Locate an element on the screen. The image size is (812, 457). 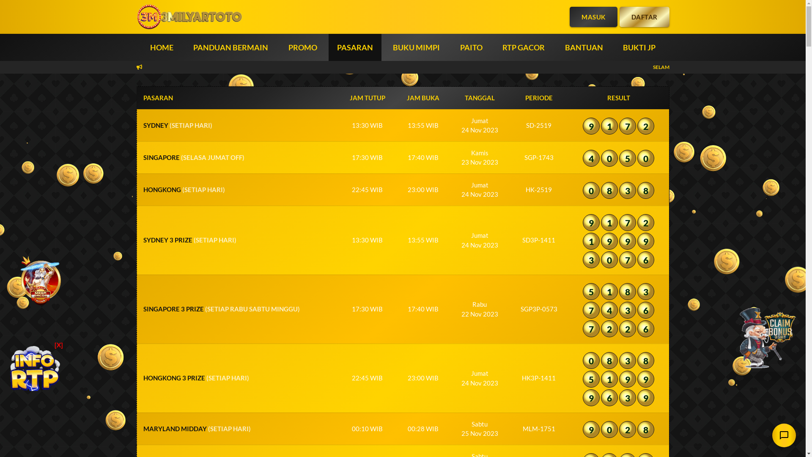
'0 8 3 8 is located at coordinates (627, 380).